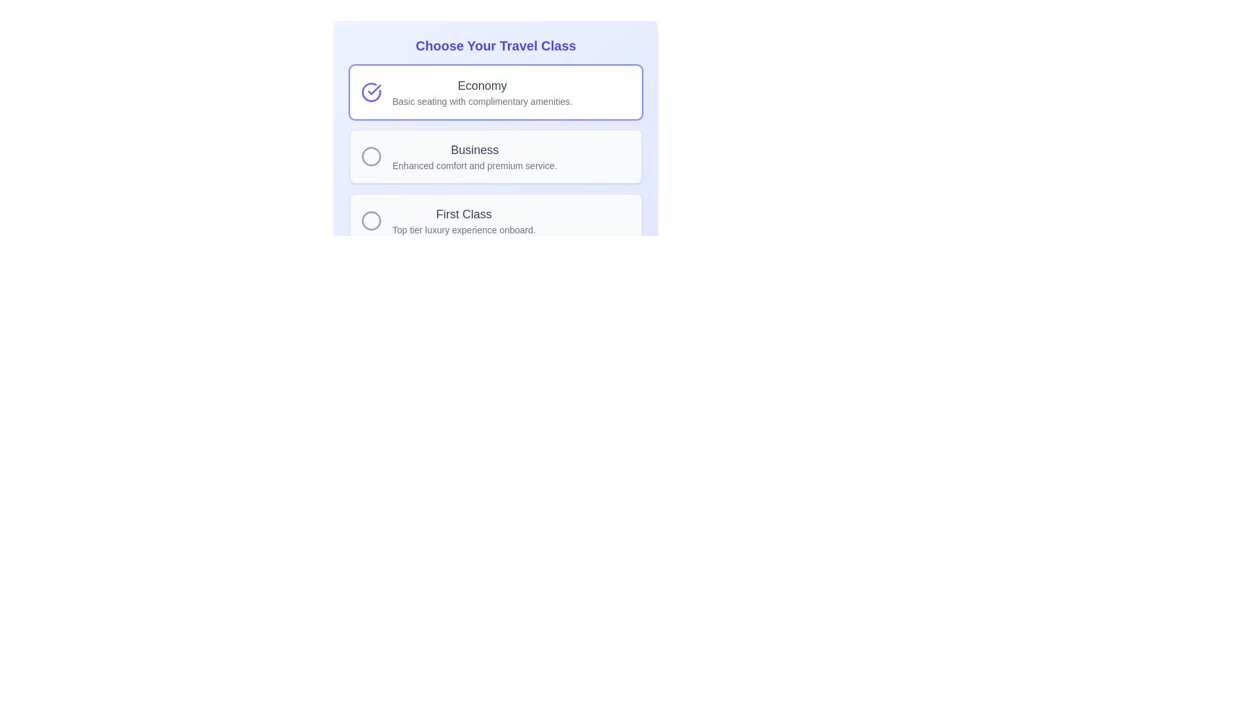 Image resolution: width=1258 pixels, height=708 pixels. What do you see at coordinates (373, 89) in the screenshot?
I see `the checkmark icon located within the larger circle icon on the left side of the 'Economy' travel class option` at bounding box center [373, 89].